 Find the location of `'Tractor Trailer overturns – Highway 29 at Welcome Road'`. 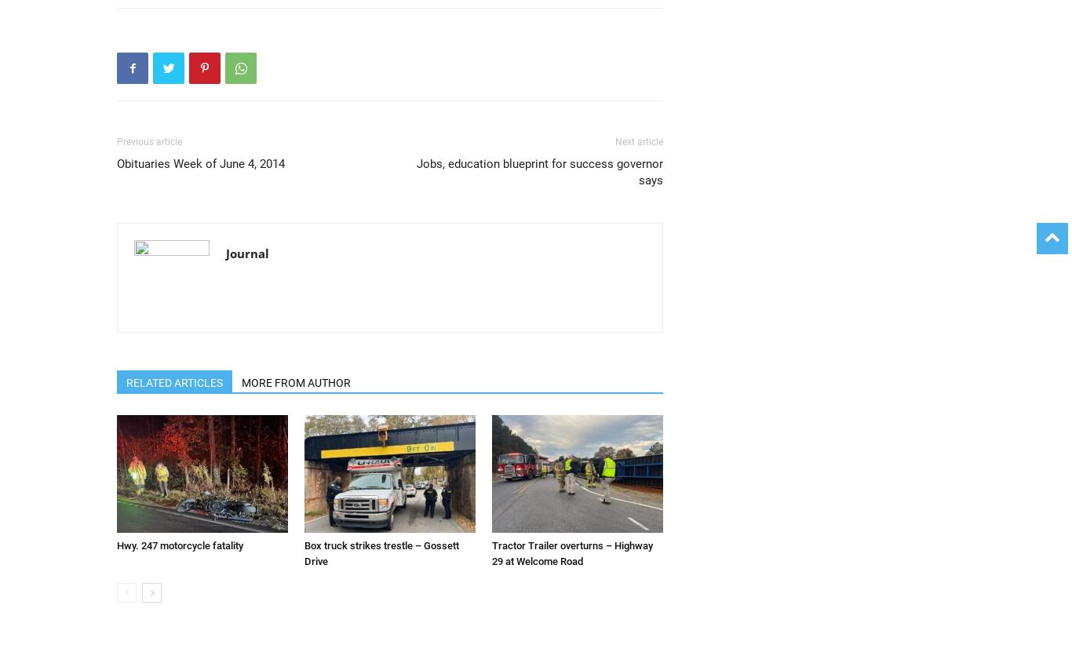

'Tractor Trailer overturns – Highway 29 at Welcome Road' is located at coordinates (572, 553).